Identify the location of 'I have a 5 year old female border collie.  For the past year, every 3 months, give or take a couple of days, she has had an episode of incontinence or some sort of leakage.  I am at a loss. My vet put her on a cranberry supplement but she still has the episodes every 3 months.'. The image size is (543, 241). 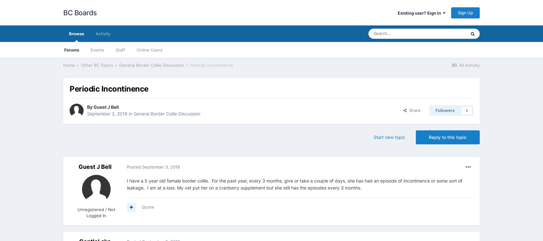
(294, 184).